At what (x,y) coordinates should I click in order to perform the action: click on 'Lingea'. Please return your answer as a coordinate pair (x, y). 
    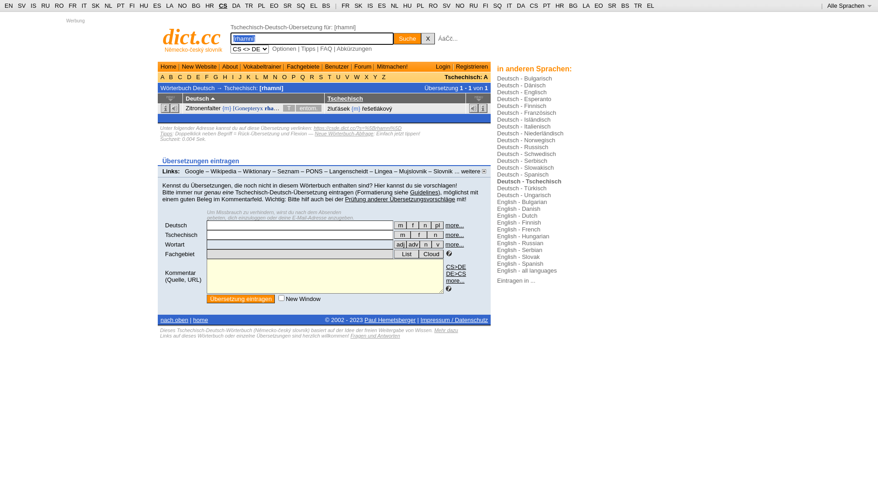
    Looking at the image, I should click on (383, 171).